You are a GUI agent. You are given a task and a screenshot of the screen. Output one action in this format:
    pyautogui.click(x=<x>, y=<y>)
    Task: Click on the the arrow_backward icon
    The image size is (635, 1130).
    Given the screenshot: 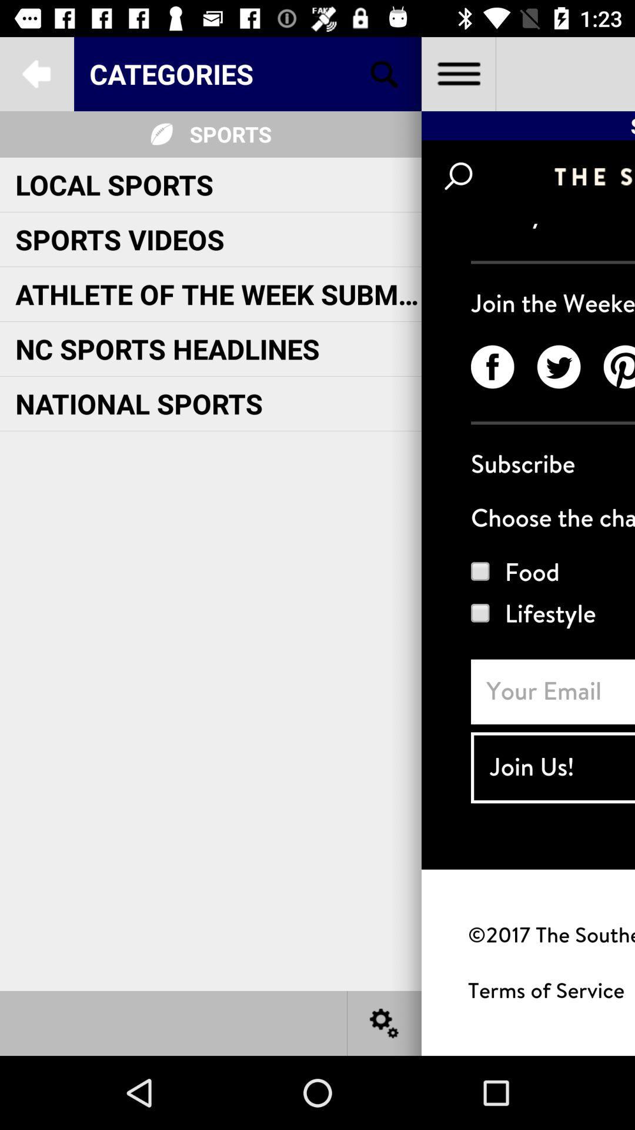 What is the action you would take?
    pyautogui.click(x=36, y=73)
    